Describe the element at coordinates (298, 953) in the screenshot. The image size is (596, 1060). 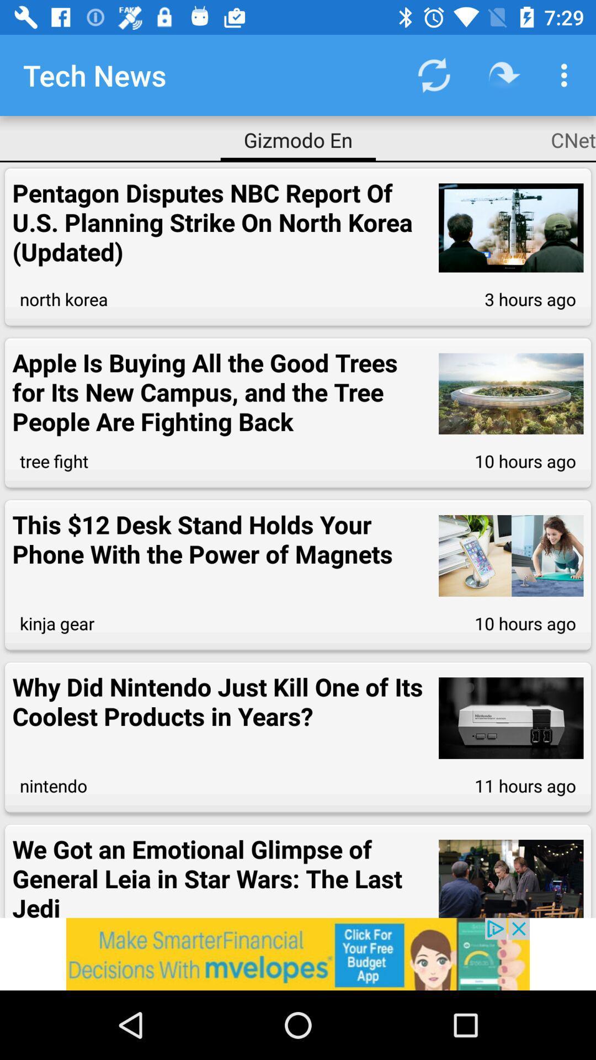
I see `redirects you to offer page` at that location.